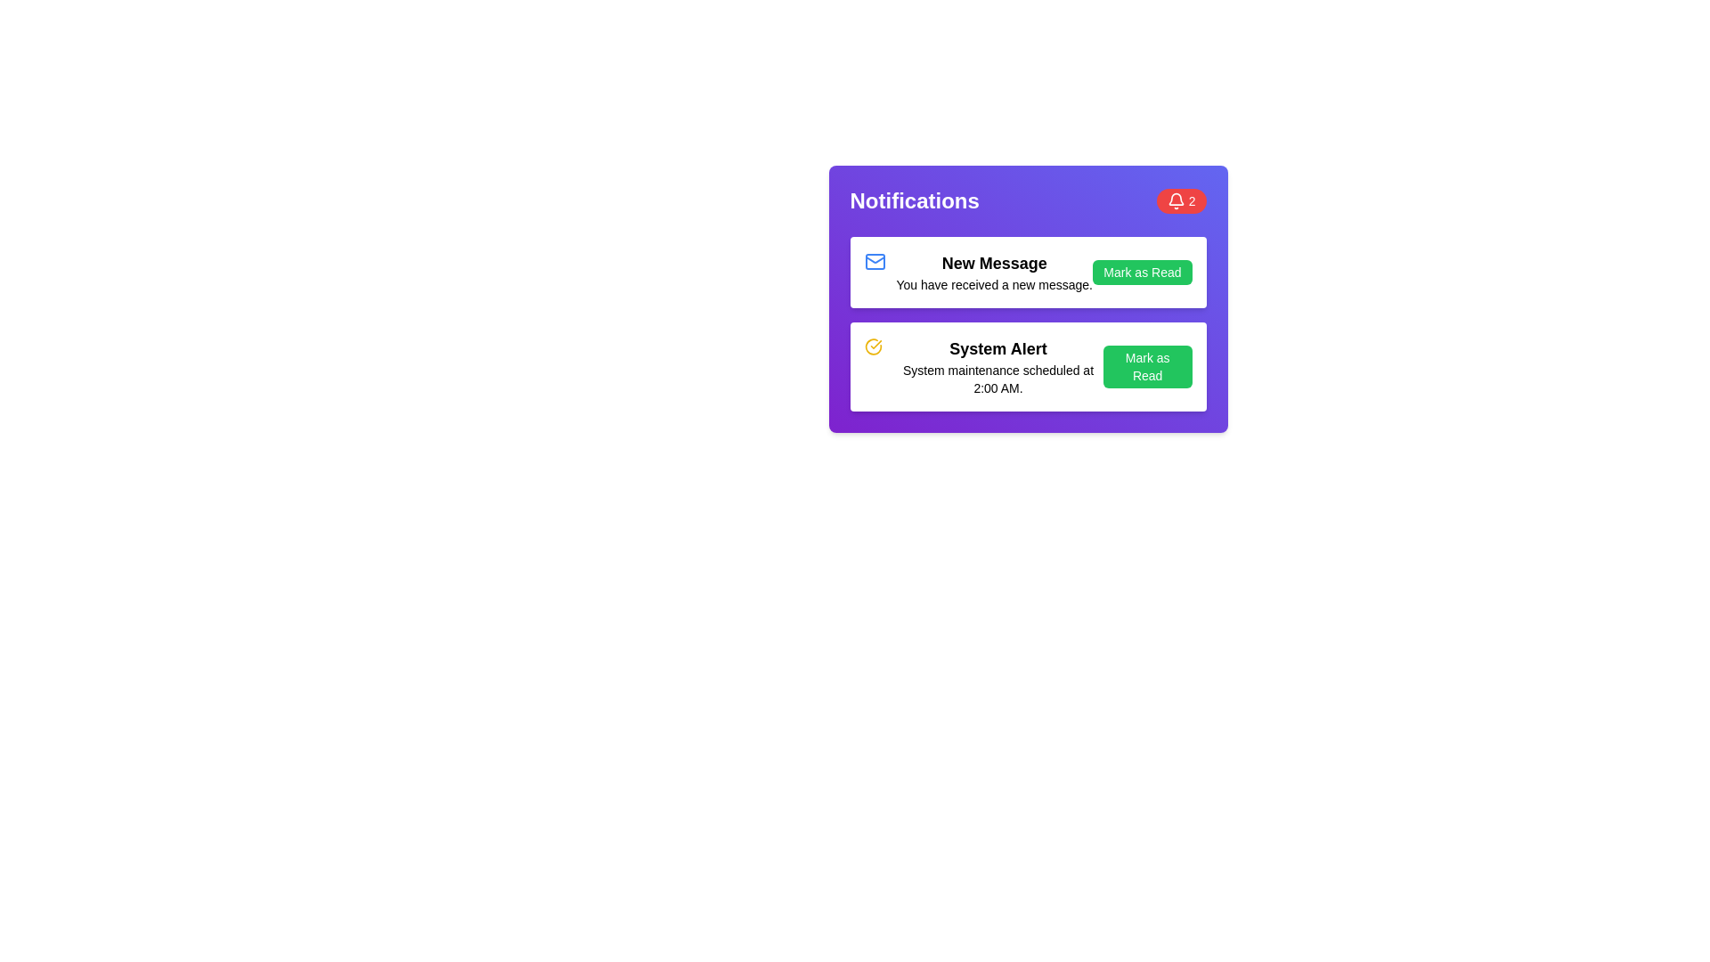 Image resolution: width=1710 pixels, height=962 pixels. What do you see at coordinates (998, 366) in the screenshot?
I see `the notification text block that provides details about an upcoming system maintenance event, located below the 'New Message' notification and centered within the notification card` at bounding box center [998, 366].